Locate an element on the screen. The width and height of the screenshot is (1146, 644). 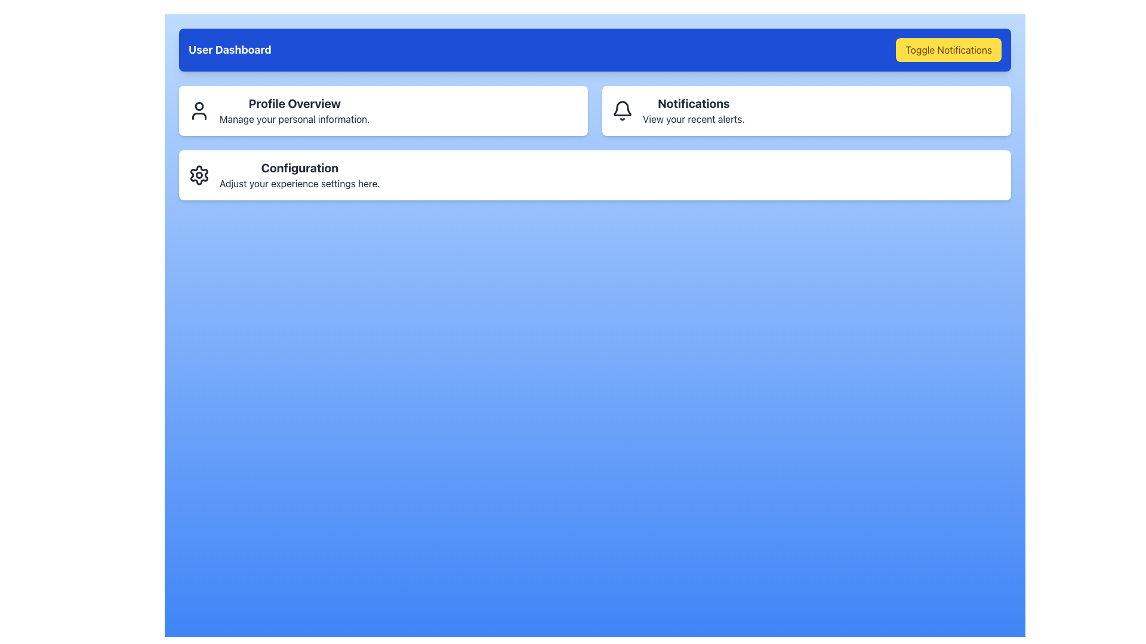
the decorative circular component located centrally within the settings cog icon in the Configuration section of the User Dashboard is located at coordinates (199, 175).